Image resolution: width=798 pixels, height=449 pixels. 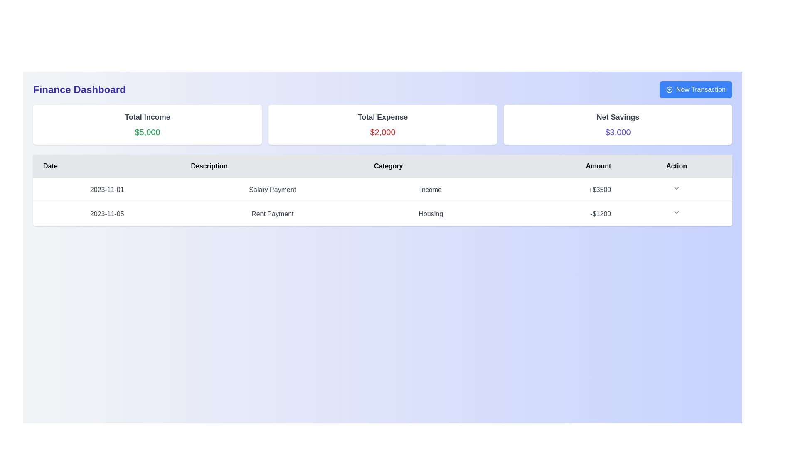 What do you see at coordinates (677, 190) in the screenshot?
I see `the Dropdown trigger icon in the 'Action' column of the financial data table for the entry dated '2023-11-01', which is a small downward-pointing arrow icon styled as a minimalistic glyph` at bounding box center [677, 190].